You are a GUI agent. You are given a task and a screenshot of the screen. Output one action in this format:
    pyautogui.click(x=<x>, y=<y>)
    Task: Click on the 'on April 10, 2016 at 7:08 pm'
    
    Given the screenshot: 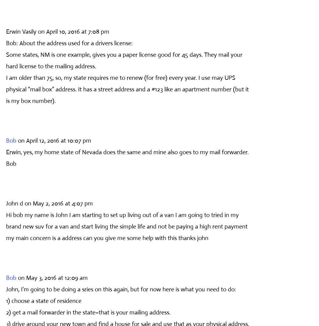 What is the action you would take?
    pyautogui.click(x=74, y=31)
    